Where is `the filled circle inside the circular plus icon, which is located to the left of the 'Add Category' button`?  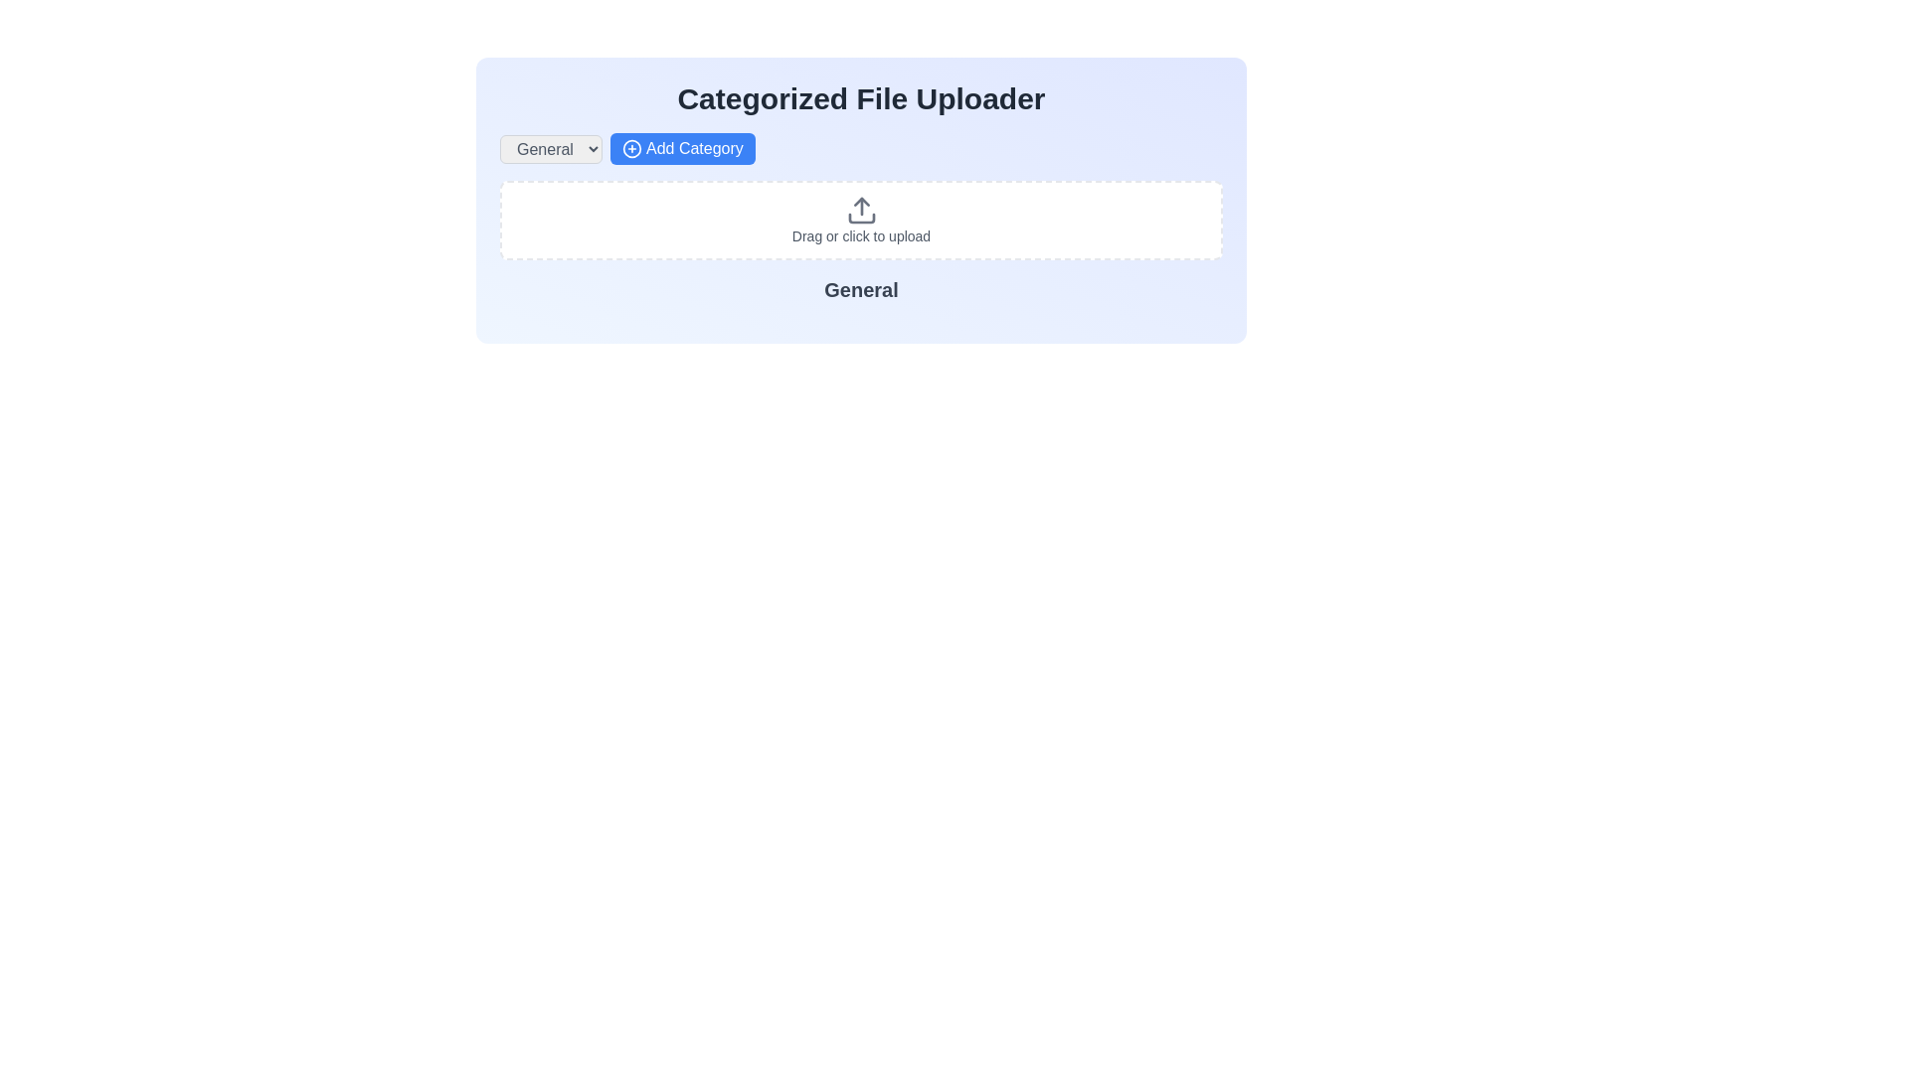 the filled circle inside the circular plus icon, which is located to the left of the 'Add Category' button is located at coordinates (630, 148).